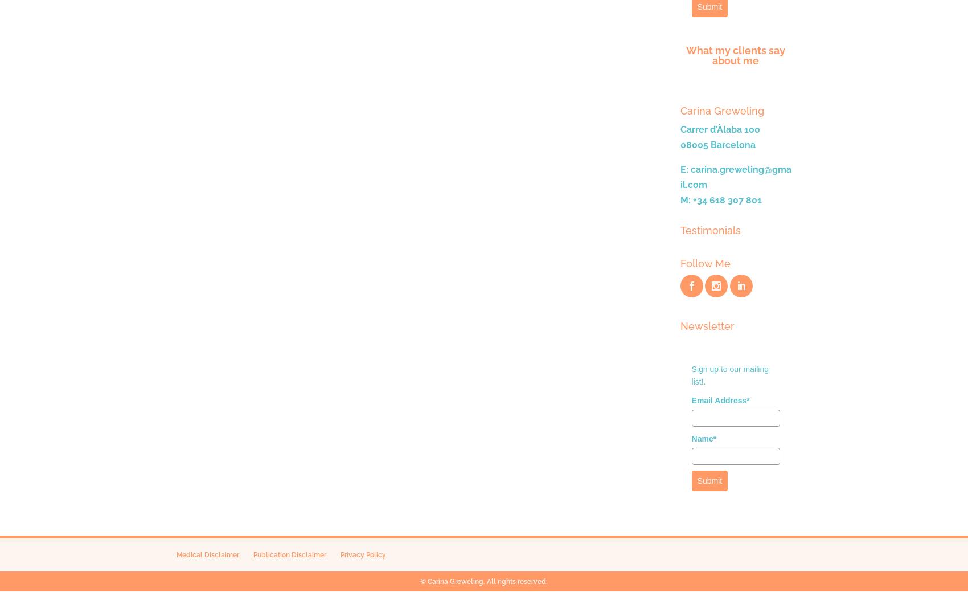  I want to click on 'Newsletter', so click(706, 325).